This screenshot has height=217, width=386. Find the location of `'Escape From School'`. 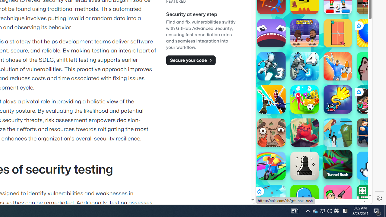

'Escape From School' is located at coordinates (371, 132).